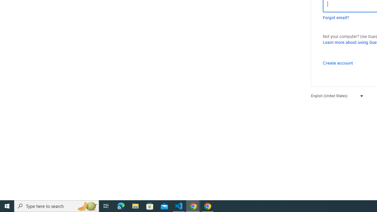  What do you see at coordinates (338, 63) in the screenshot?
I see `'Create account'` at bounding box center [338, 63].